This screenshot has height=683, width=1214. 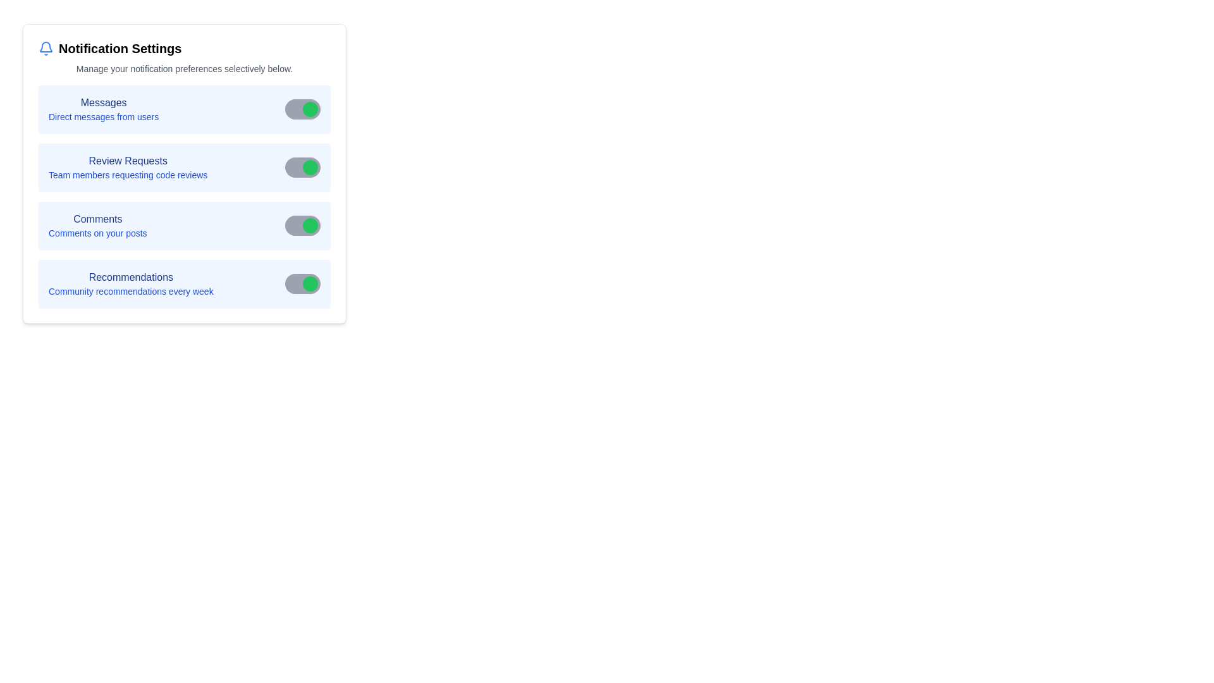 What do you see at coordinates (302, 167) in the screenshot?
I see `the toggle switch associated with the 'Review Requests' option in the notification settings panel to switch it on or off` at bounding box center [302, 167].